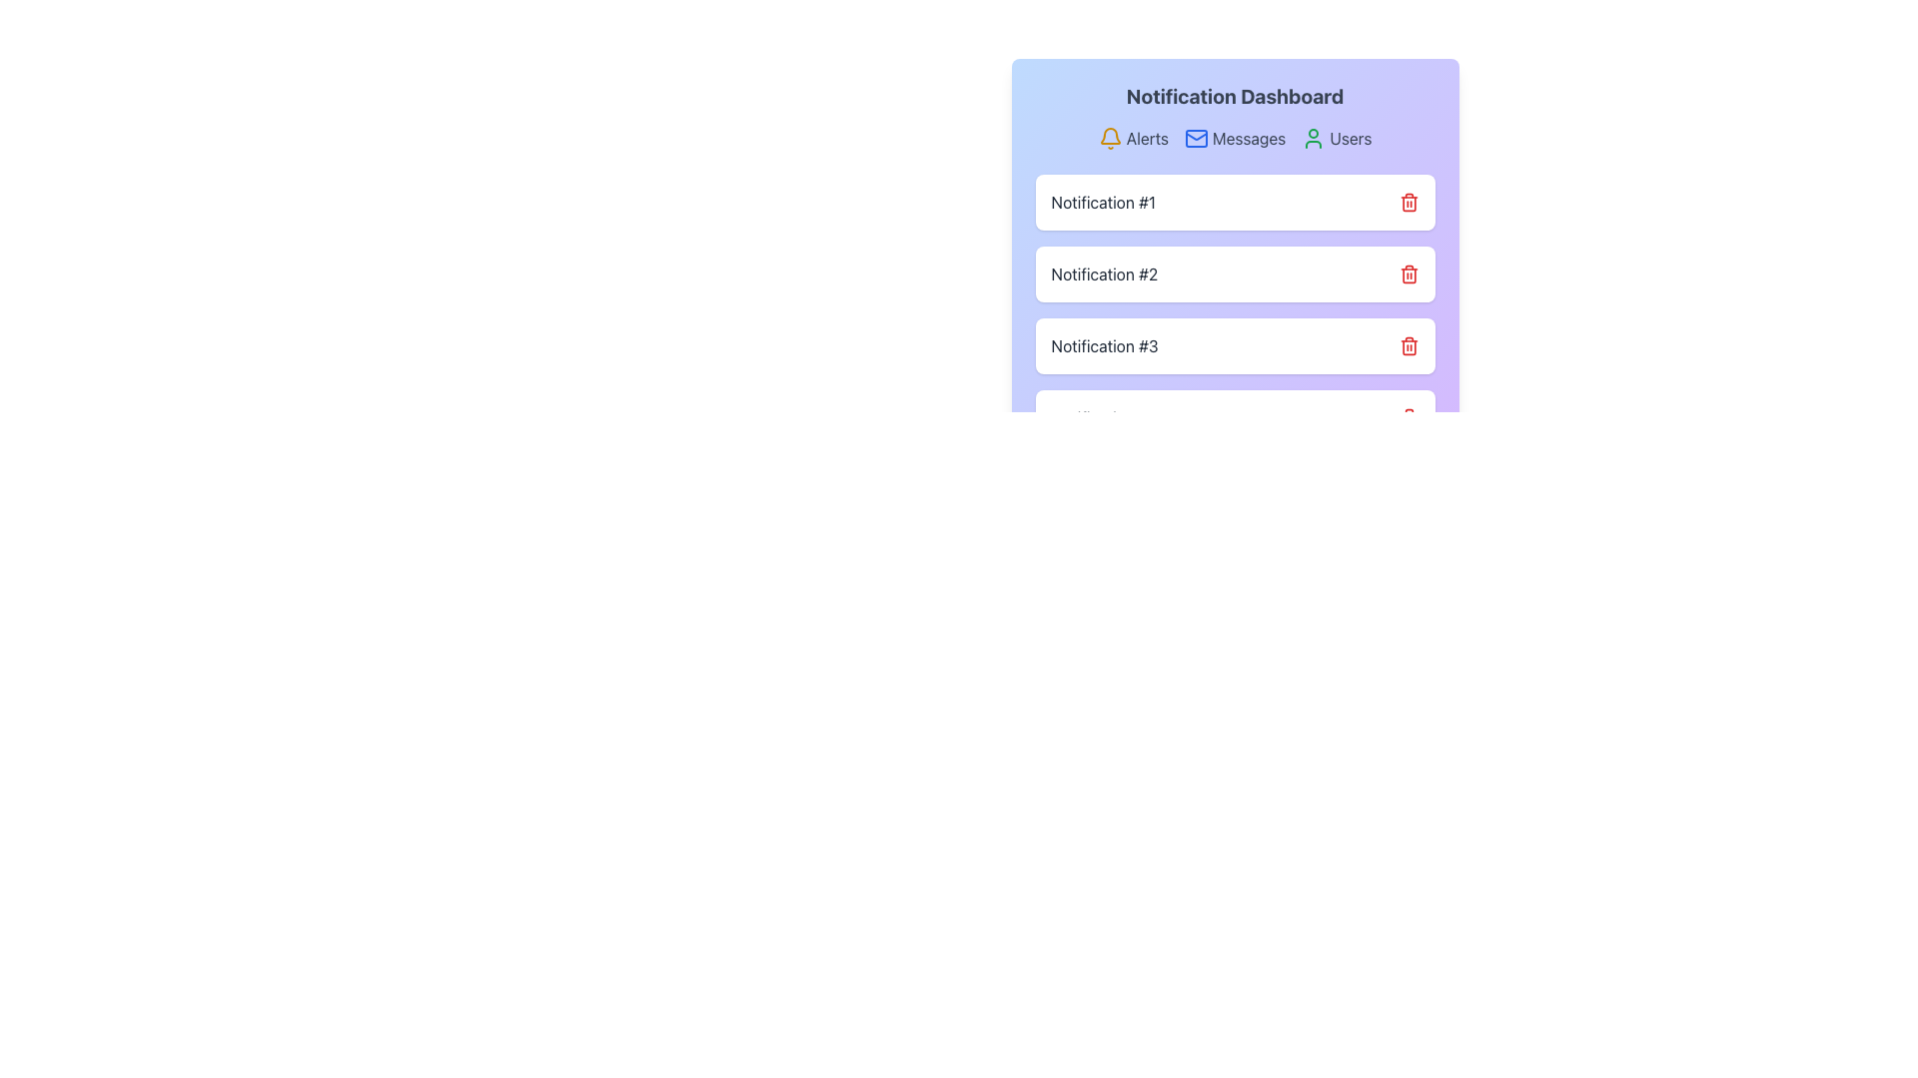 Image resolution: width=1918 pixels, height=1078 pixels. I want to click on the Text label indicating messages, so click(1248, 137).